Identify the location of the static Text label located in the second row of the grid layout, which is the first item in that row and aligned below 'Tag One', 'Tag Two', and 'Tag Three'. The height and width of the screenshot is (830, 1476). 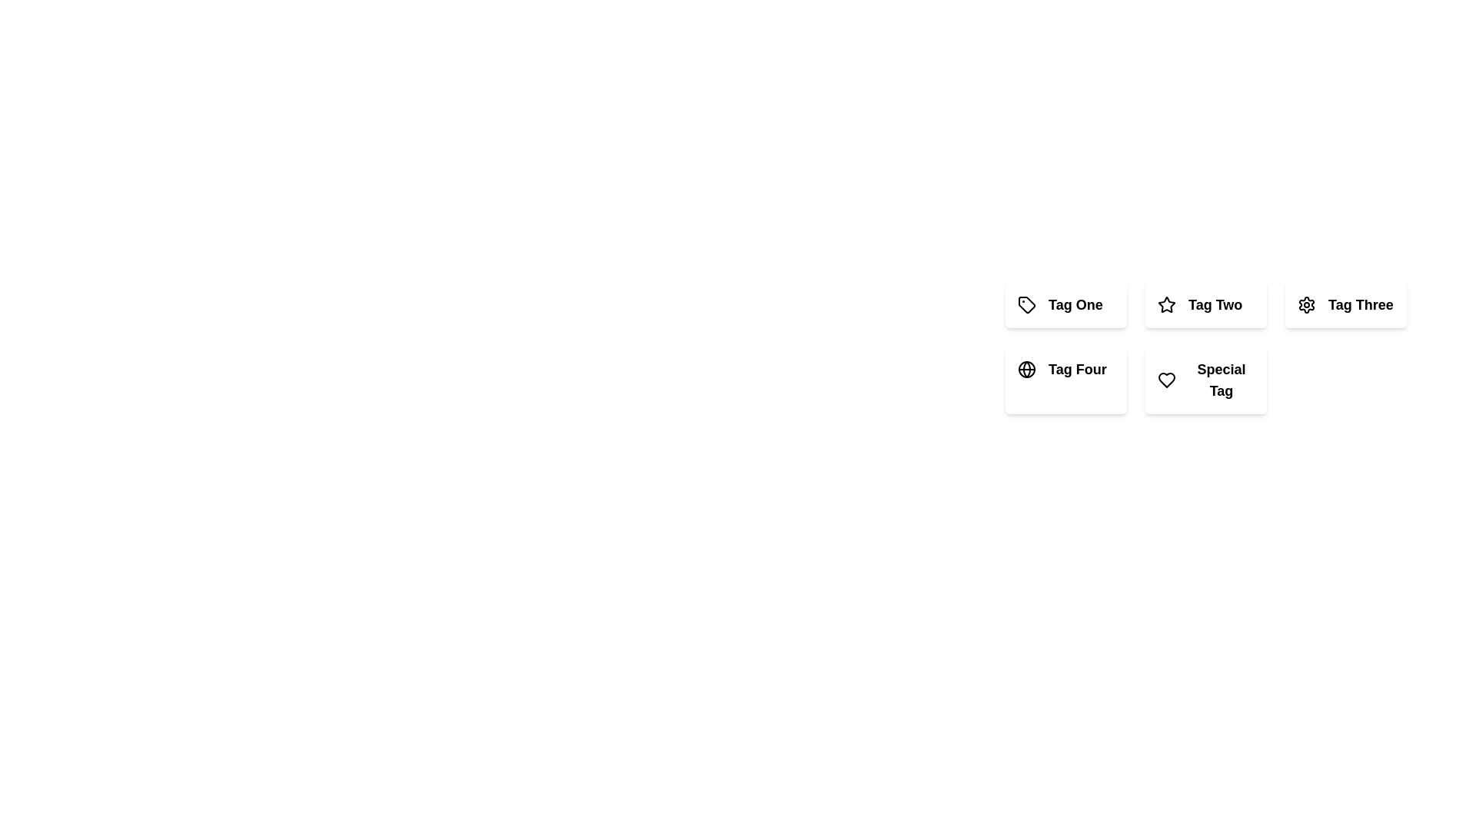
(1076, 370).